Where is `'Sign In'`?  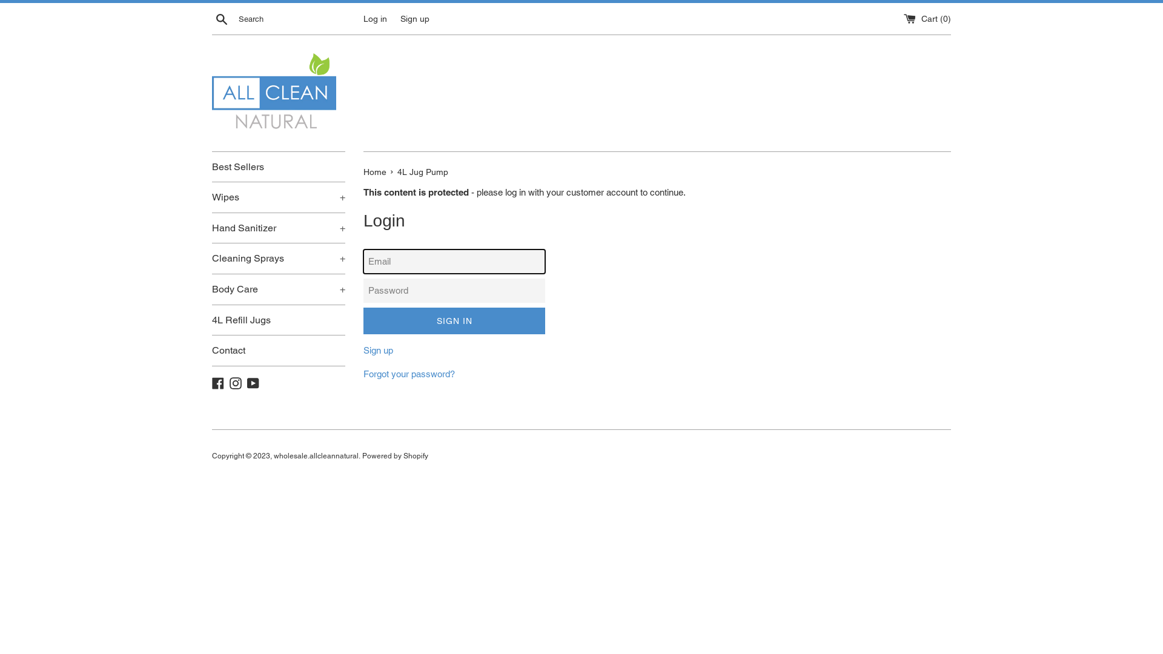 'Sign In' is located at coordinates (453, 320).